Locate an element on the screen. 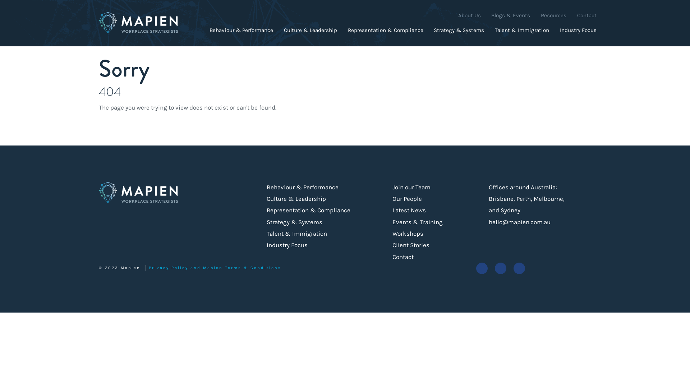 The width and height of the screenshot is (690, 388). 'Strategy & Systems' is located at coordinates (294, 221).